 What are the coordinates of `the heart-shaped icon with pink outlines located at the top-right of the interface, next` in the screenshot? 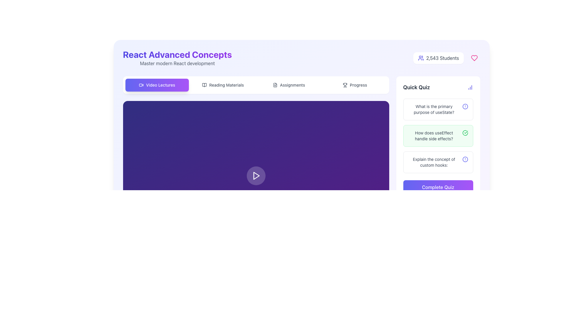 It's located at (474, 58).